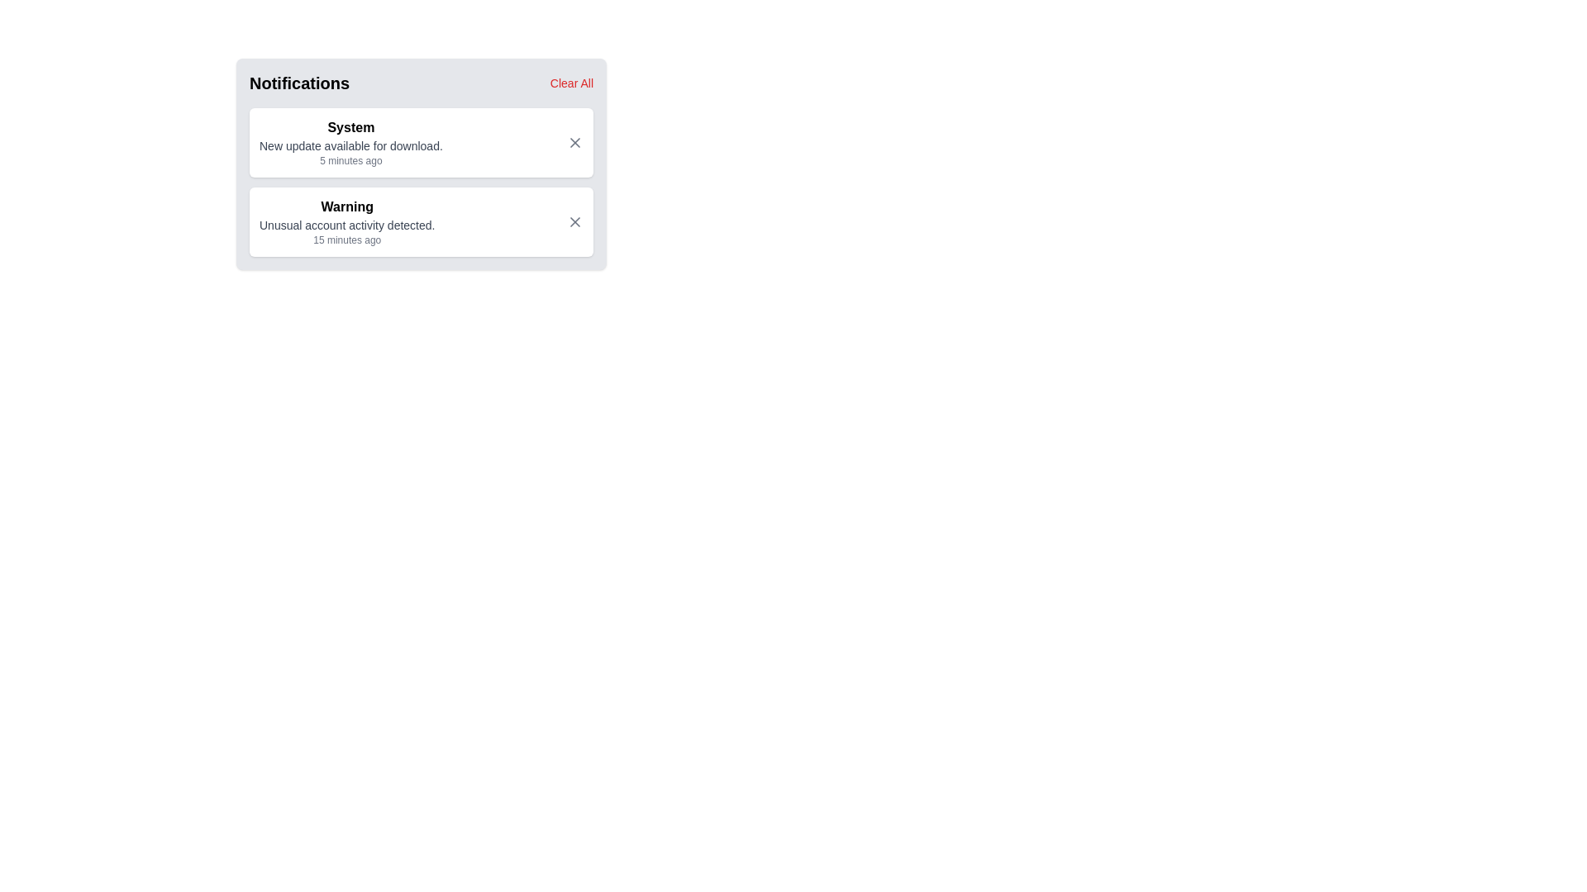  Describe the element at coordinates (575, 221) in the screenshot. I see `the close icon button represented by an outlined 'X' symbol located in the top-right corner of the second notification card indicating a warning about unusual account activity` at that location.